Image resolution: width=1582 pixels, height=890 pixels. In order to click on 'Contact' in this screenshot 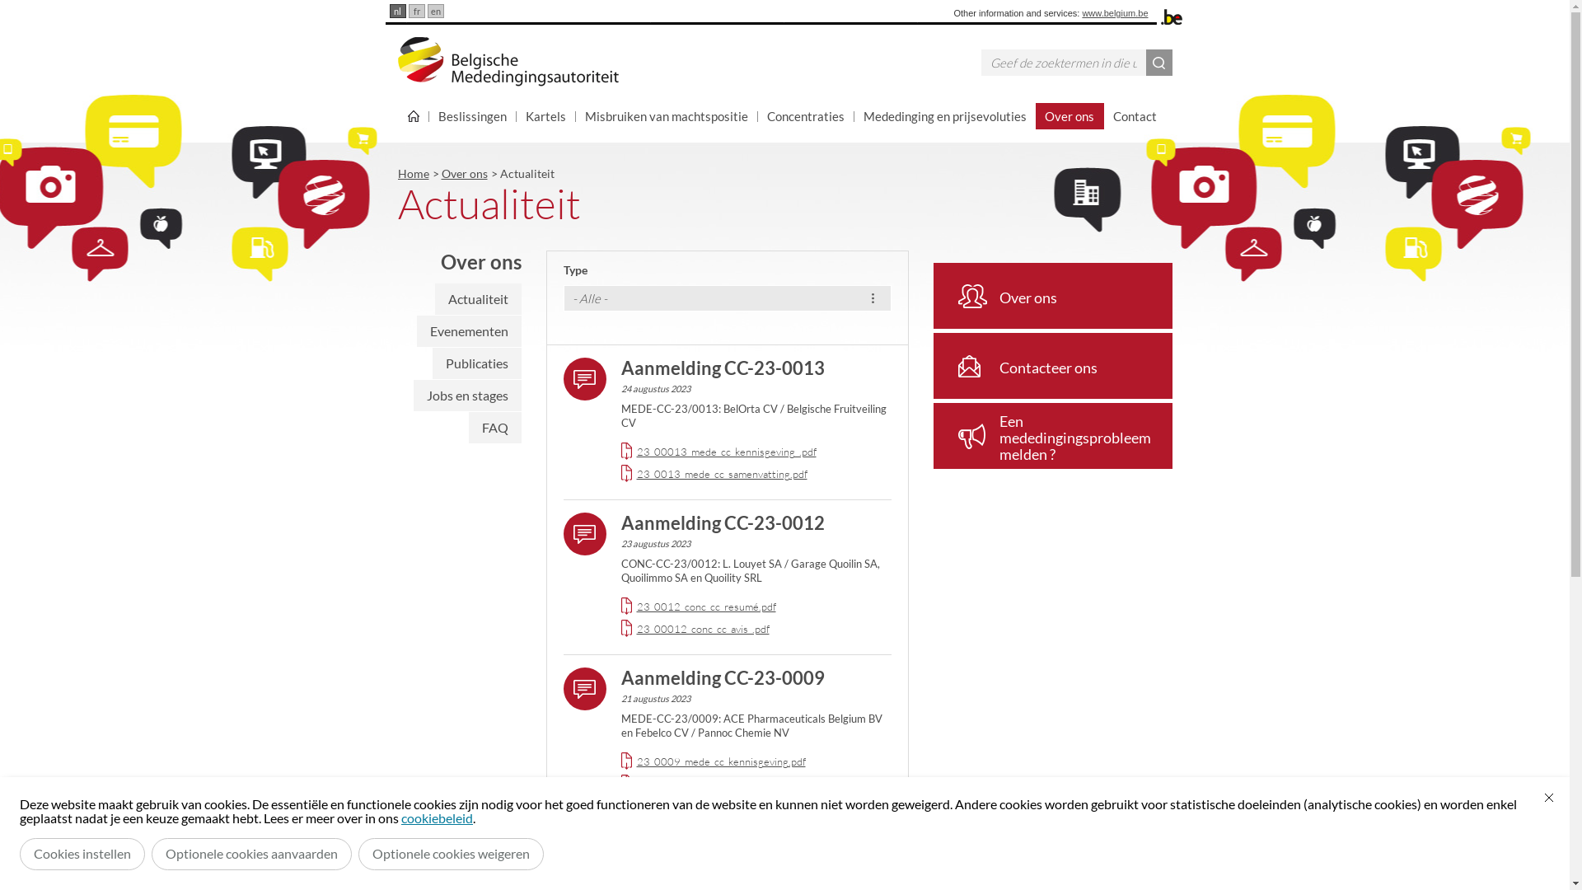, I will do `click(1134, 115)`.